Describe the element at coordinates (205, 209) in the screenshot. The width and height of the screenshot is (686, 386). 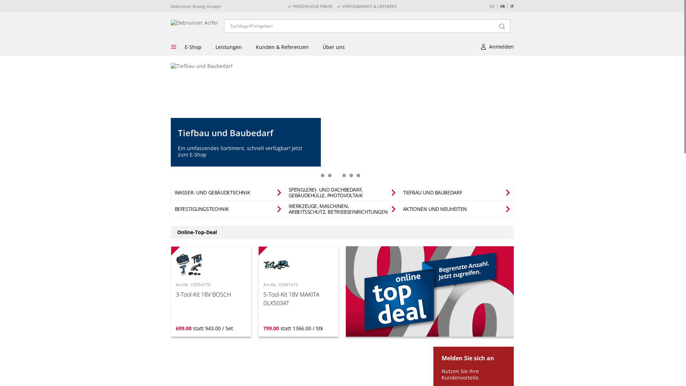
I see `'BEFESTIGUNGSTECHNIK'` at that location.